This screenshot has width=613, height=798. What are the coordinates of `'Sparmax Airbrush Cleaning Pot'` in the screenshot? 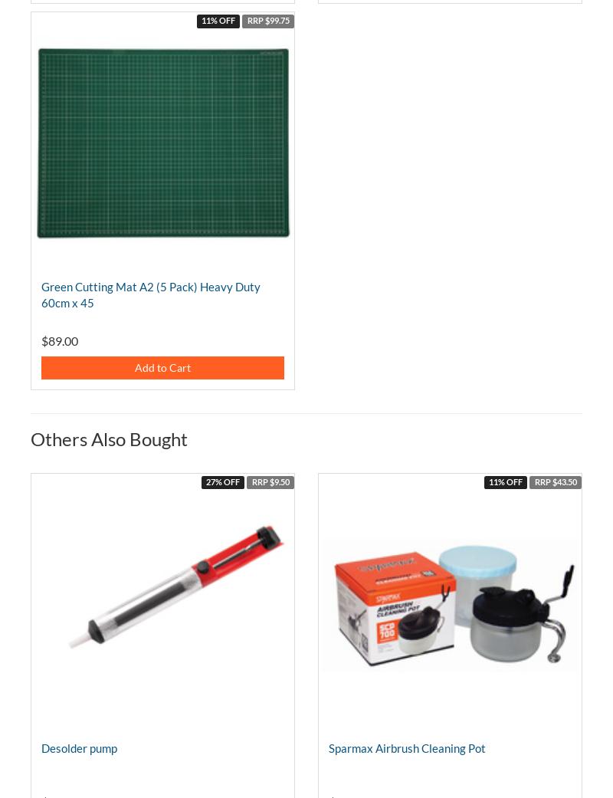 It's located at (406, 747).